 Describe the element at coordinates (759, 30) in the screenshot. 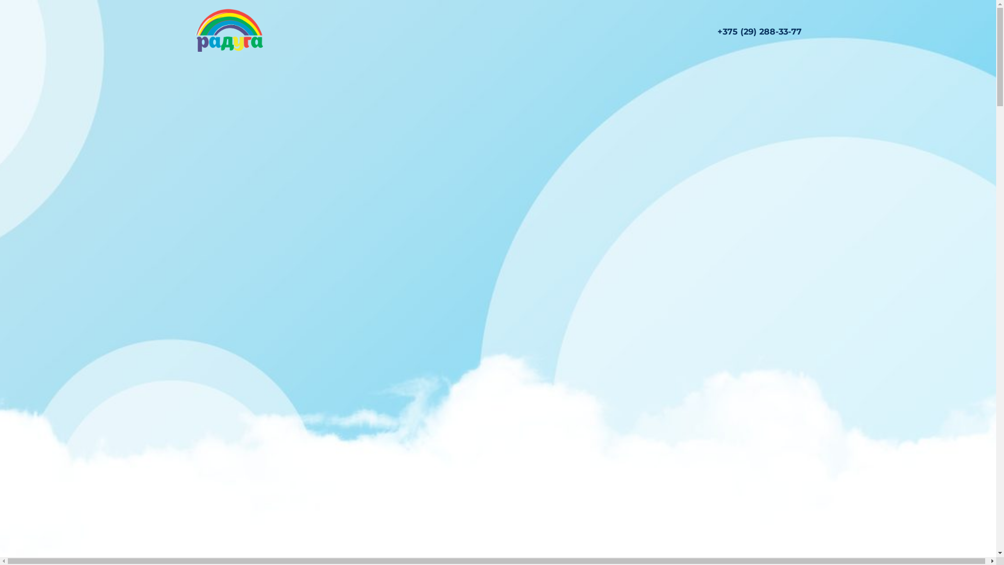

I see `'+375 (29) 288-33-77'` at that location.